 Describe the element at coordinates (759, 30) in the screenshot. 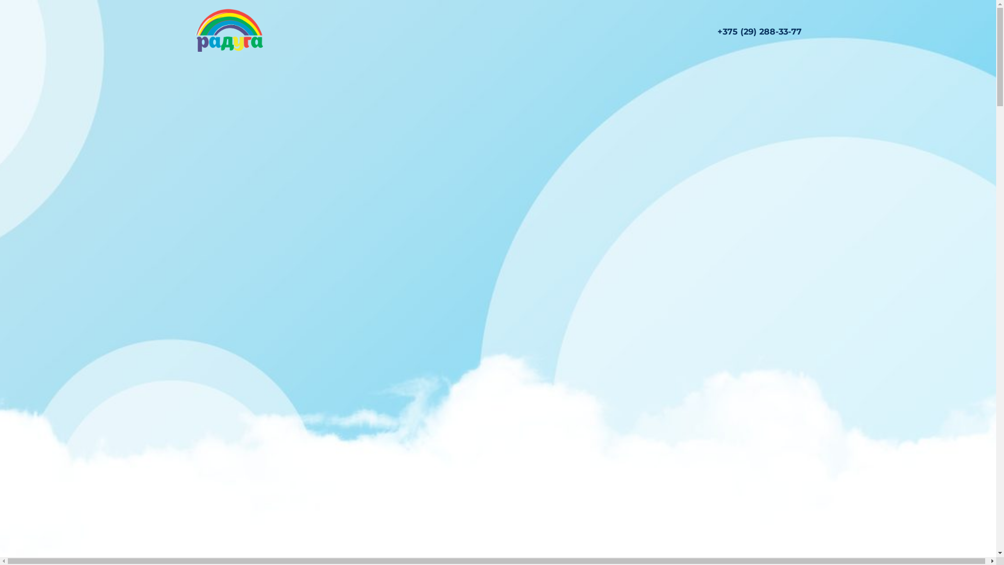

I see `'+375 (29) 288-33-77'` at that location.